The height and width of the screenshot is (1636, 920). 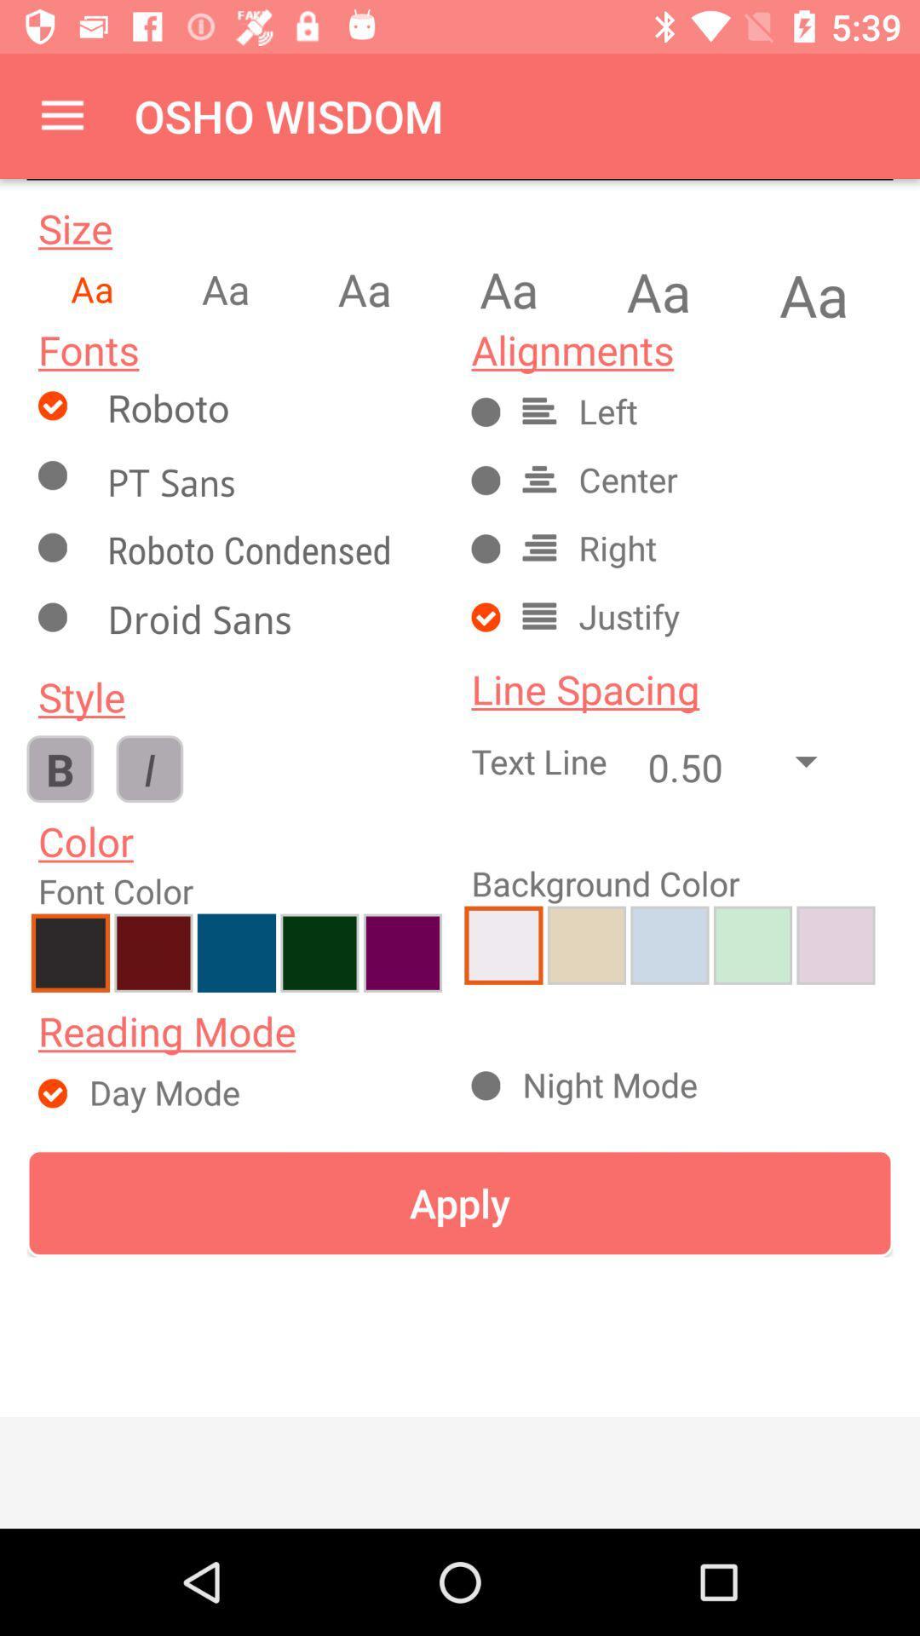 I want to click on color selection, so click(x=236, y=952).